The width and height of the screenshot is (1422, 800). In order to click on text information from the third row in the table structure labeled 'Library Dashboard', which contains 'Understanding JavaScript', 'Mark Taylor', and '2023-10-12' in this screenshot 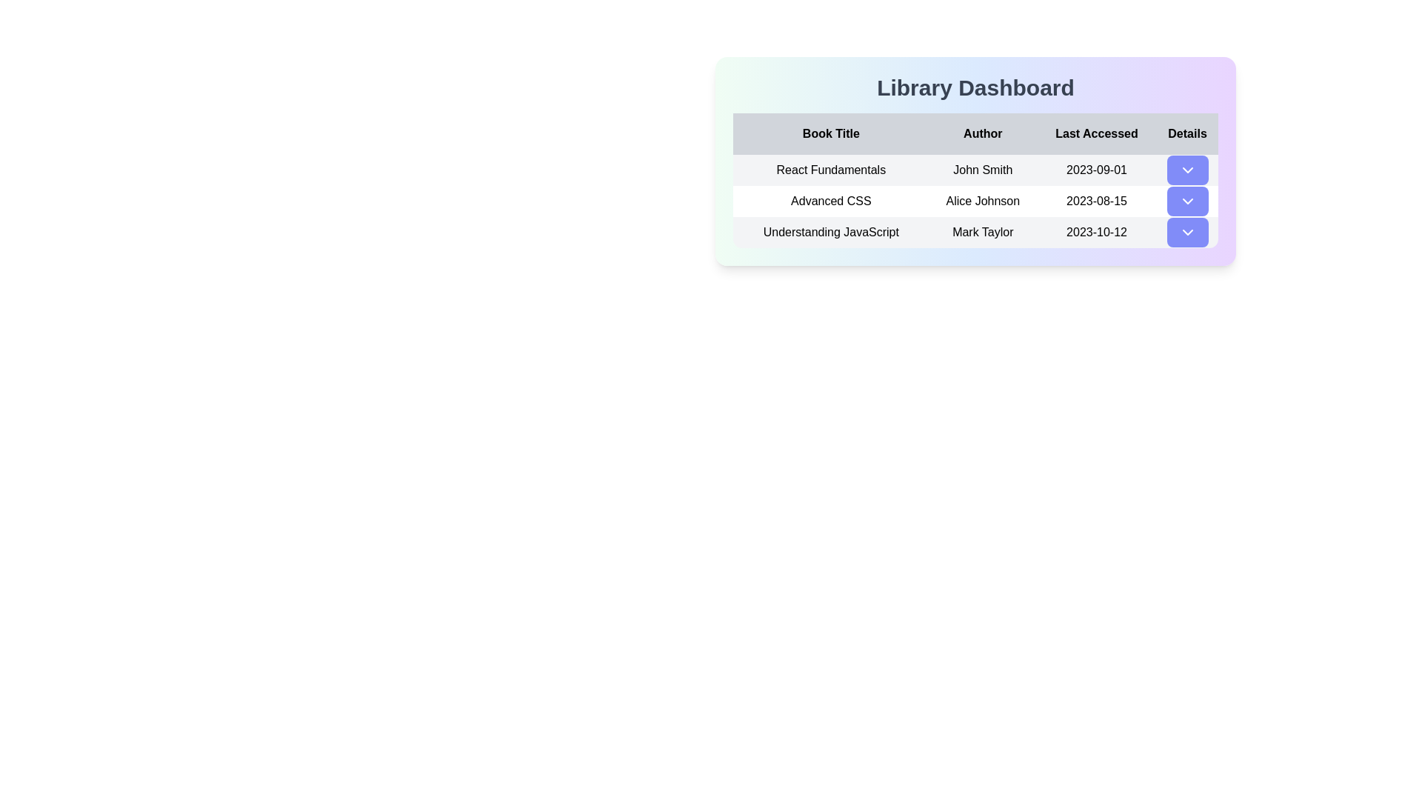, I will do `click(975, 232)`.